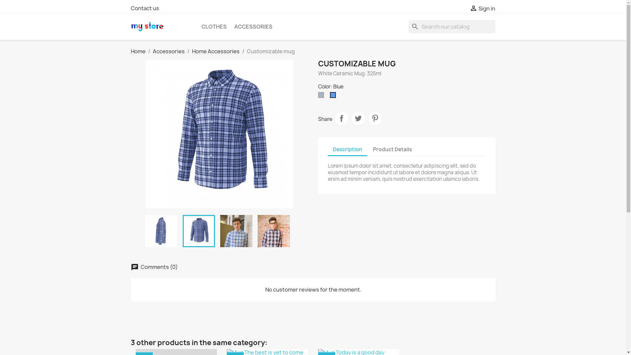 The width and height of the screenshot is (631, 355). Describe the element at coordinates (375, 118) in the screenshot. I see `'Pinterest'` at that location.